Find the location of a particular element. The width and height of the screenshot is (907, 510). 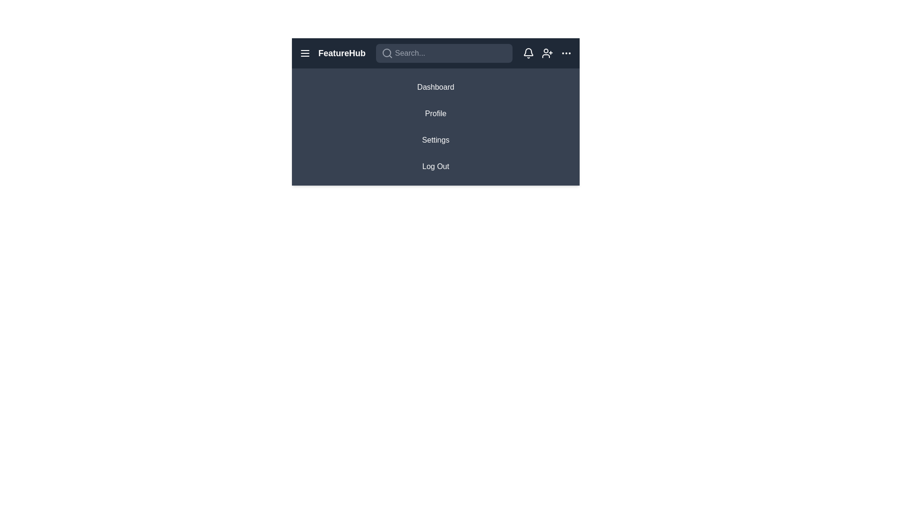

the hamburger menu icon located at the top-left corner of the interface, which is styled as three horizontal lines and is positioned within the dark header bar next to the title 'FeatureHub' is located at coordinates (305, 53).